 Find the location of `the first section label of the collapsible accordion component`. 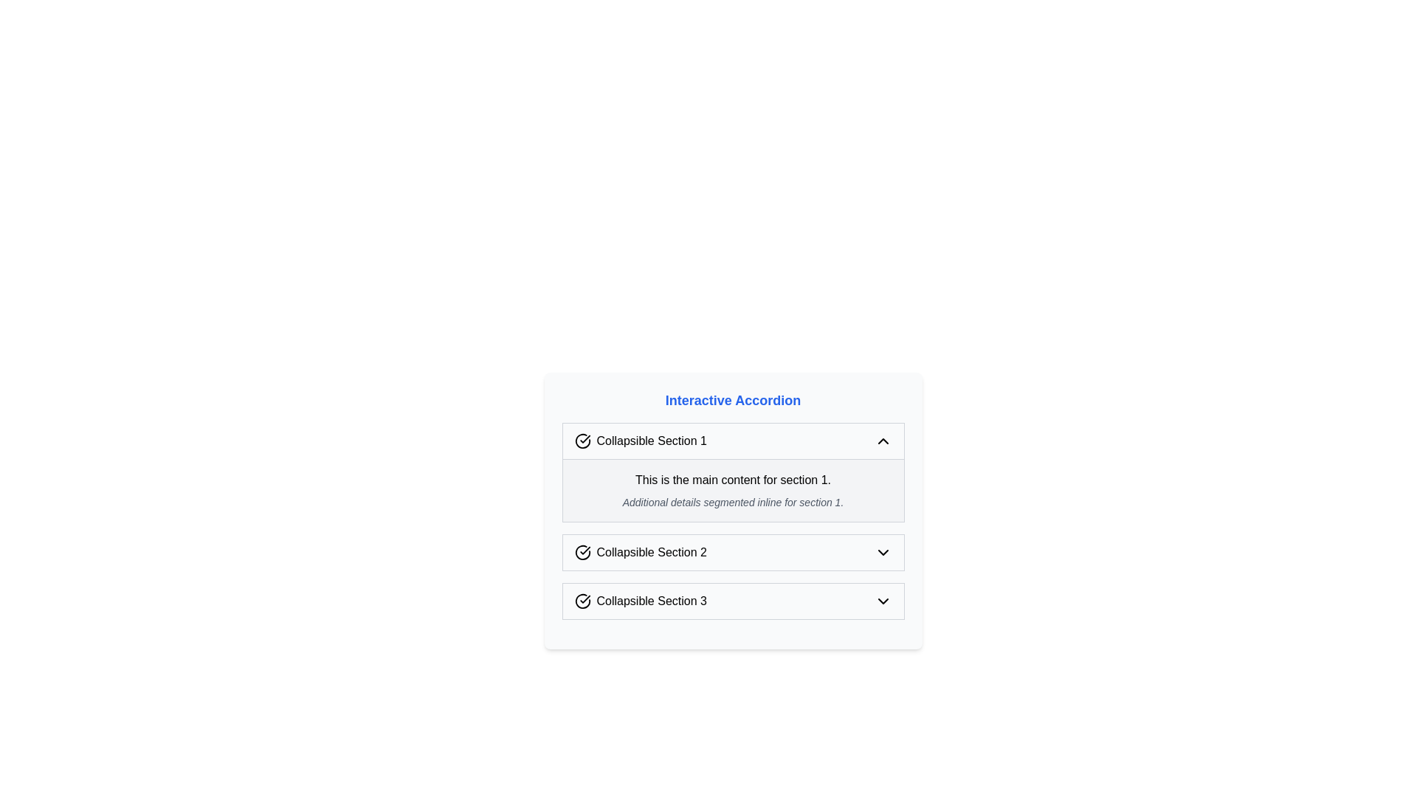

the first section label of the collapsible accordion component is located at coordinates (641, 440).